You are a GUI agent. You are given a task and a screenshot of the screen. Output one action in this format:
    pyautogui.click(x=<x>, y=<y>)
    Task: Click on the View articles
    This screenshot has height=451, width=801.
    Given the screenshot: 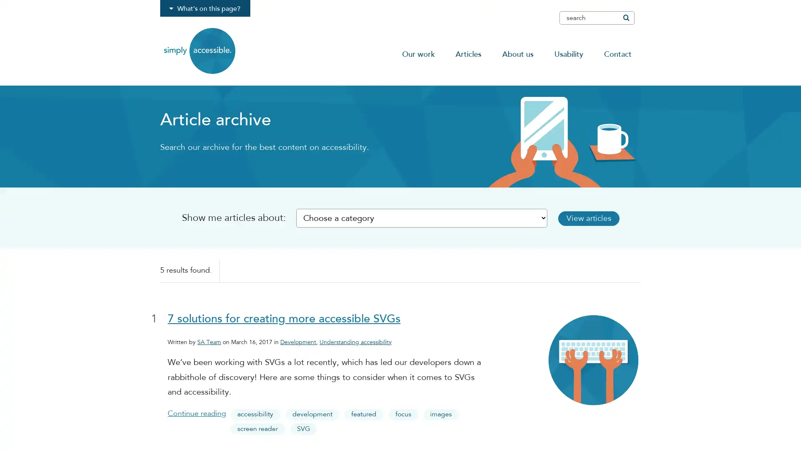 What is the action you would take?
    pyautogui.click(x=592, y=218)
    